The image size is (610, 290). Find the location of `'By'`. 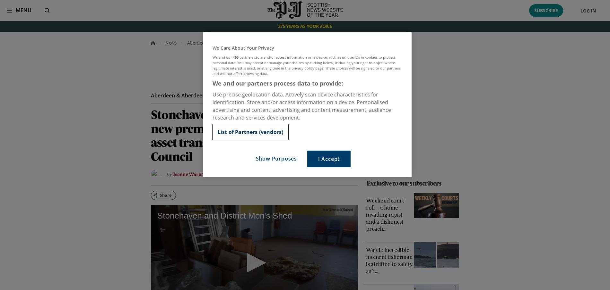

'By' is located at coordinates (169, 174).